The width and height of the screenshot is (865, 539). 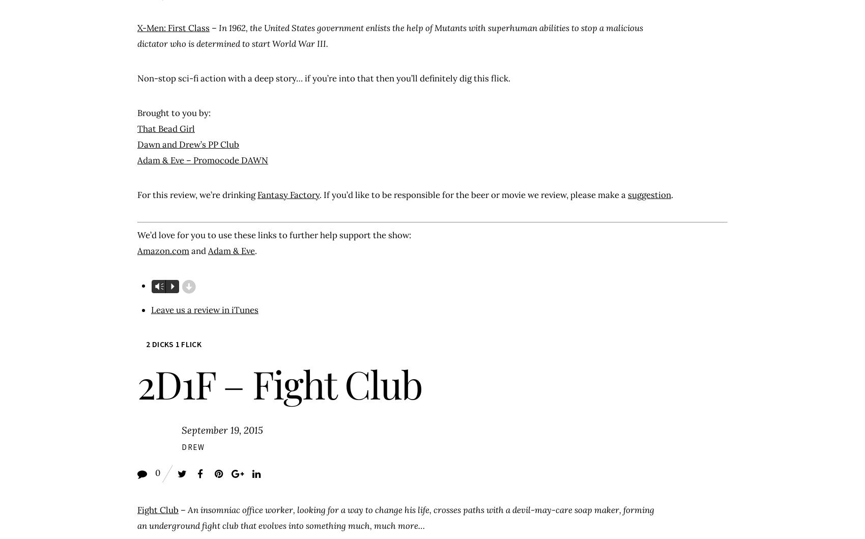 What do you see at coordinates (150, 308) in the screenshot?
I see `'Leave us a review in iTunes'` at bounding box center [150, 308].